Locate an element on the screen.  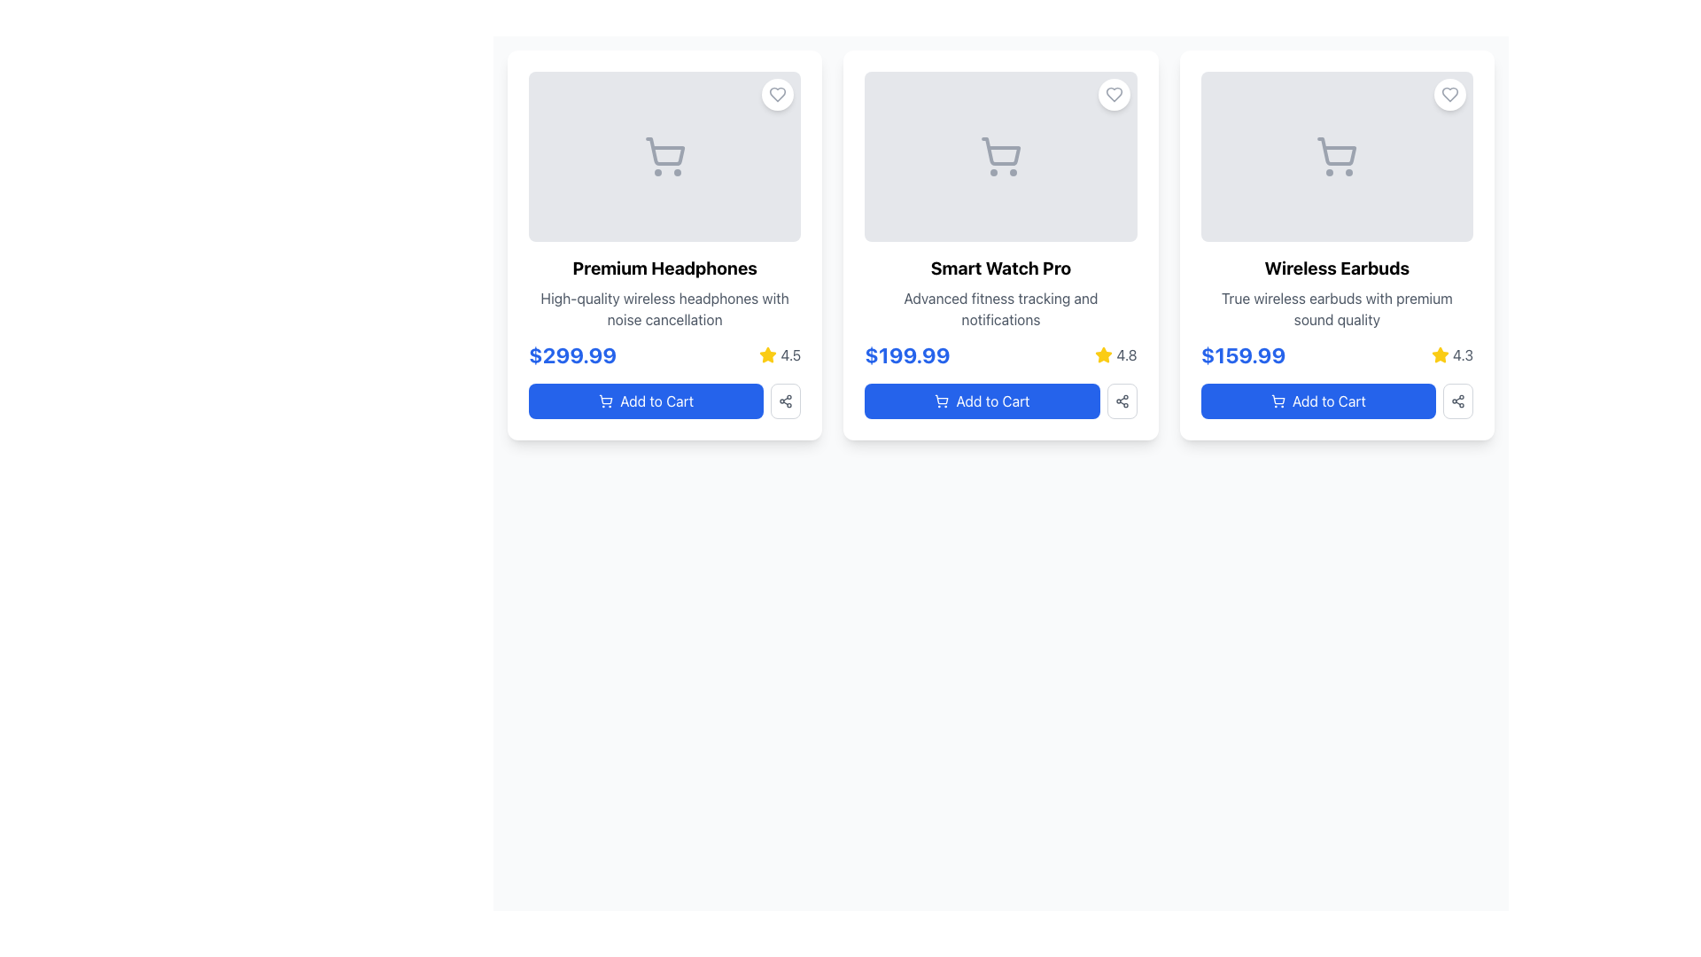
the heart-shaped icon in the upper-right corner of the 'Smart Watch Pro' product card is located at coordinates (1113, 95).